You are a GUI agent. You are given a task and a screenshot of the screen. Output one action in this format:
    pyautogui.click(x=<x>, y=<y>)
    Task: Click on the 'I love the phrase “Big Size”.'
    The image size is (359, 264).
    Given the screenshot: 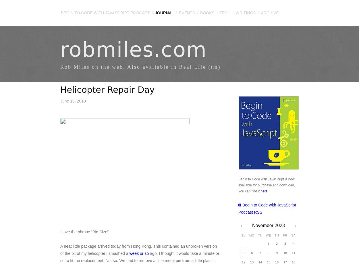 What is the action you would take?
    pyautogui.click(x=85, y=231)
    